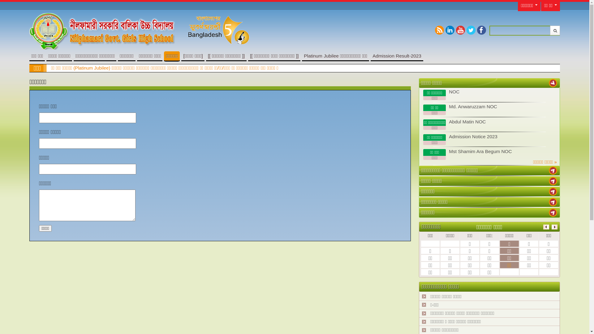 The width and height of the screenshot is (594, 334). I want to click on ' ', so click(553, 202).